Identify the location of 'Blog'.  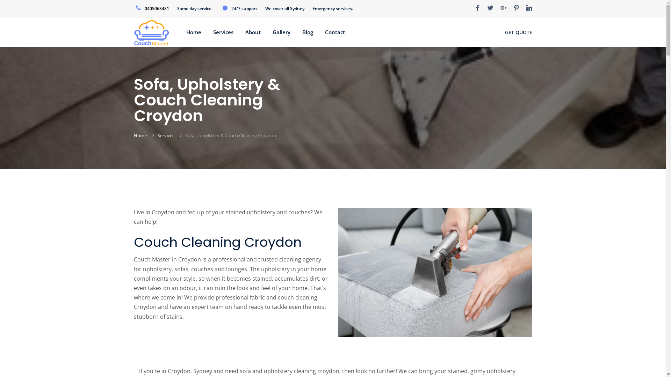
(302, 32).